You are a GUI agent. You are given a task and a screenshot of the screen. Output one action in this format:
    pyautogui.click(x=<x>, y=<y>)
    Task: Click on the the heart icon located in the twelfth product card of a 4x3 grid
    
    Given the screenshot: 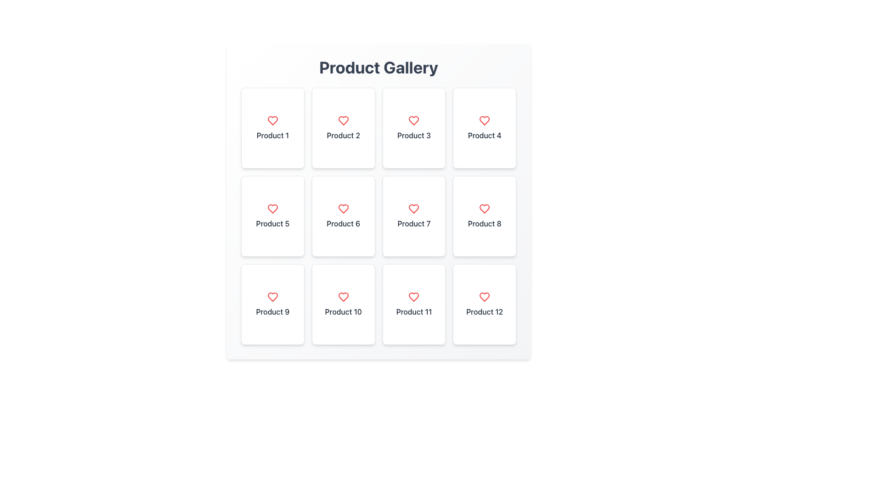 What is the action you would take?
    pyautogui.click(x=484, y=297)
    